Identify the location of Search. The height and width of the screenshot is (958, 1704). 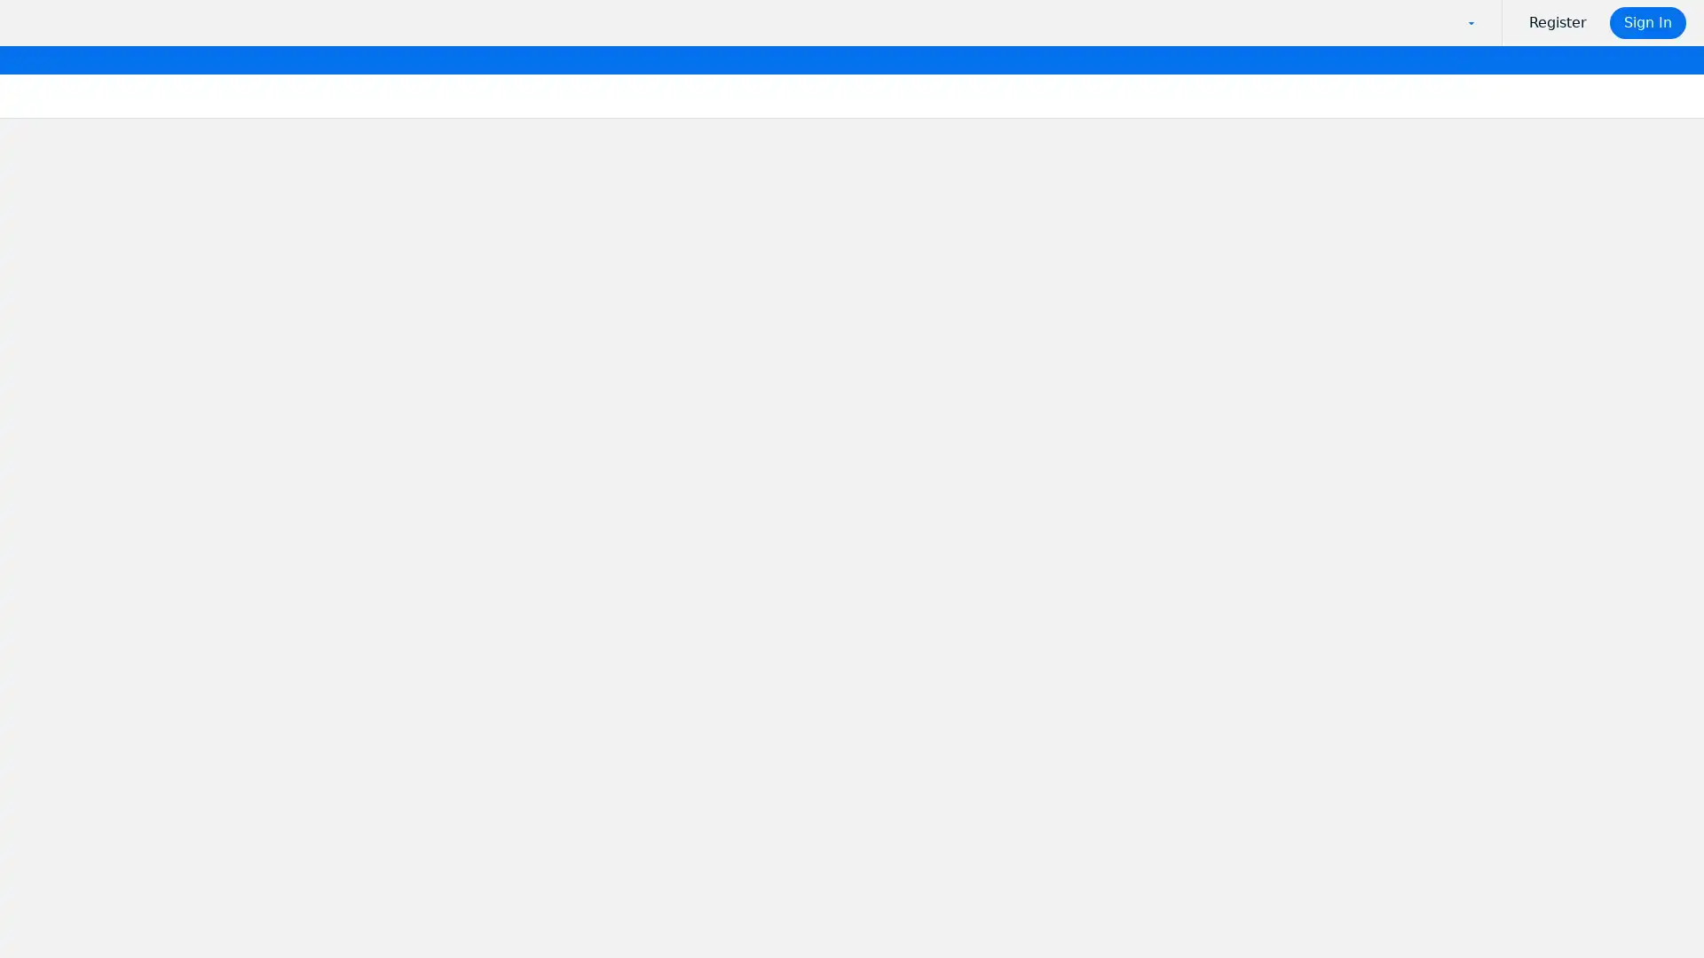
(547, 385).